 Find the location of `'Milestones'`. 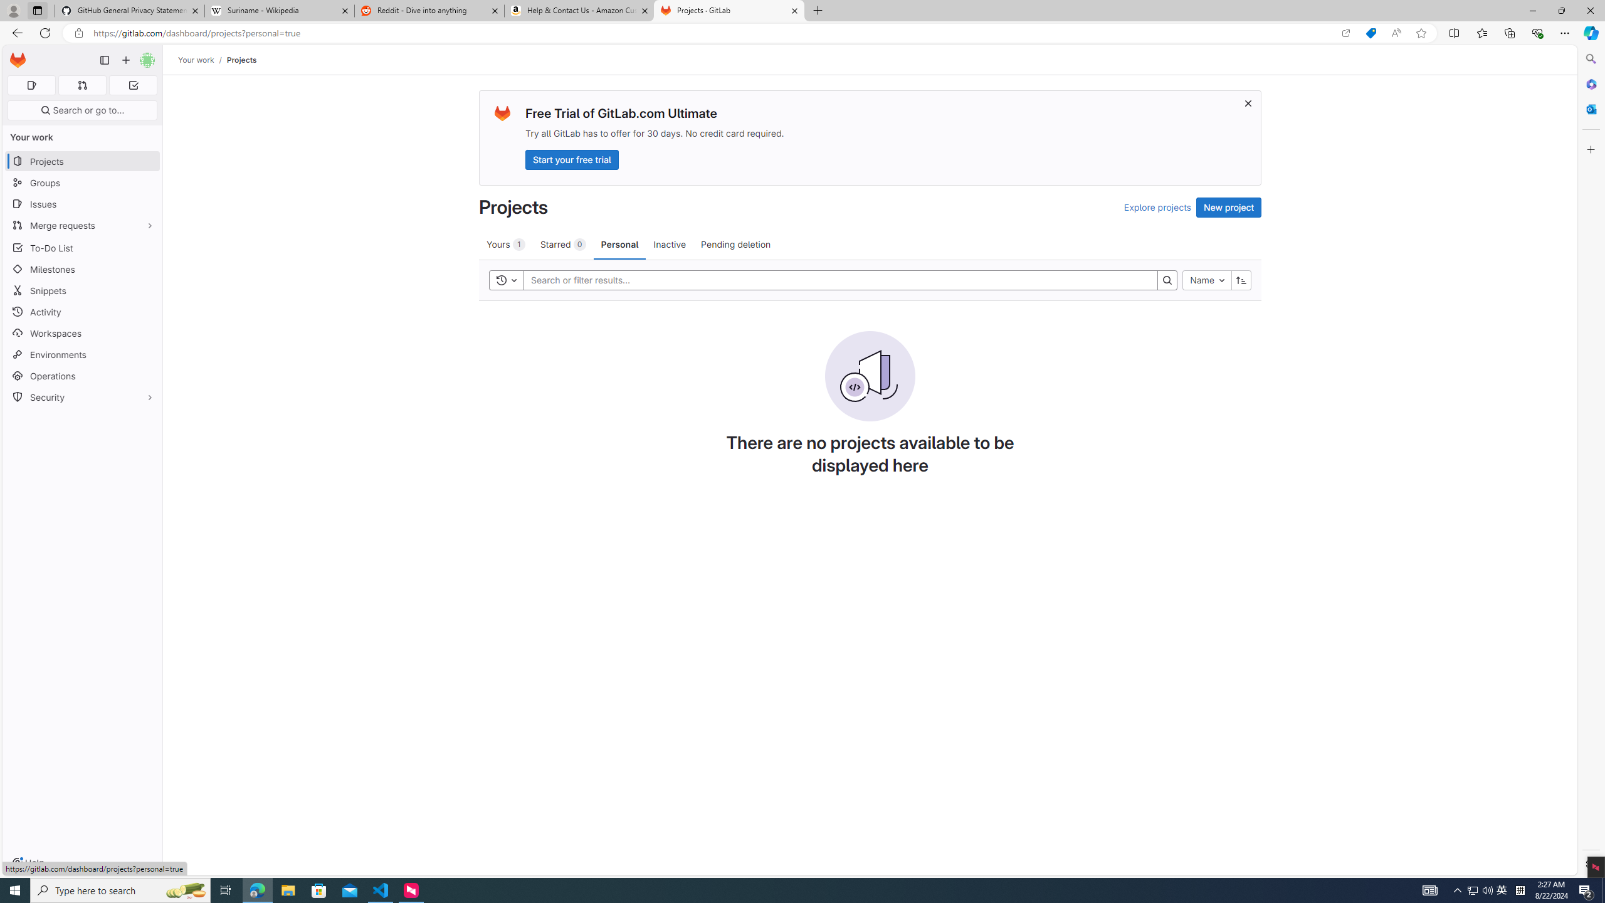

'Milestones' is located at coordinates (82, 268).